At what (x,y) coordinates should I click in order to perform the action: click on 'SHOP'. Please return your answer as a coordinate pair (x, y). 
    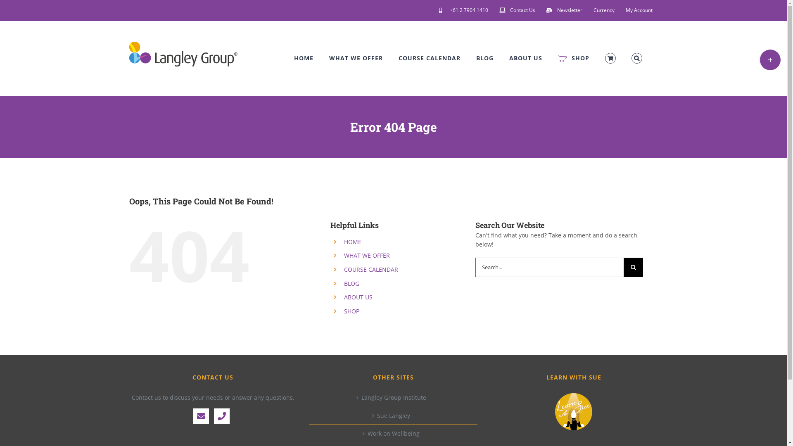
    Looking at the image, I should click on (573, 58).